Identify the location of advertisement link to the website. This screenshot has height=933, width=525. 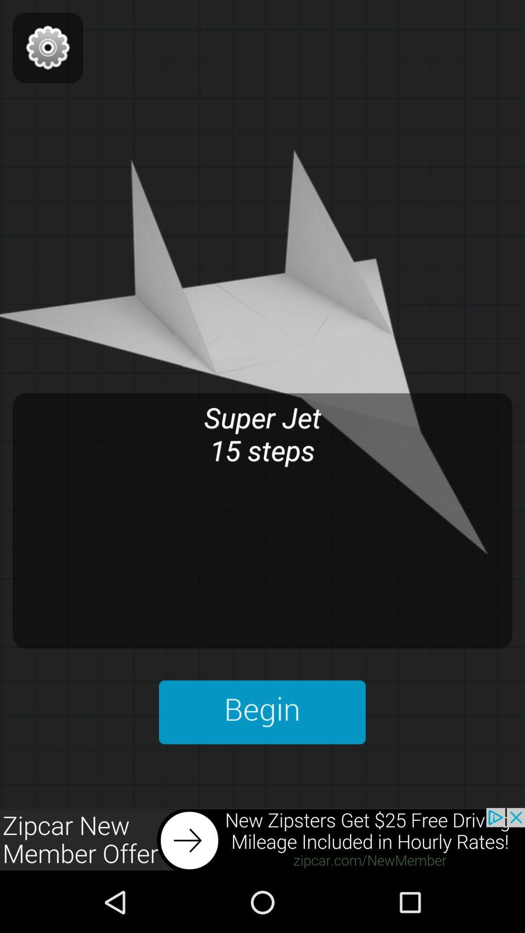
(262, 839).